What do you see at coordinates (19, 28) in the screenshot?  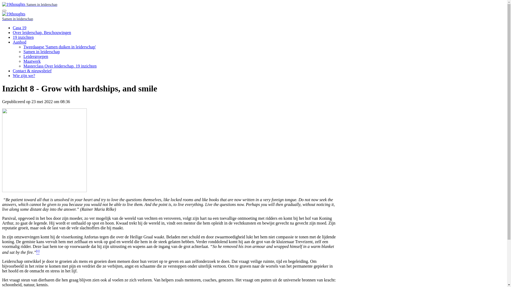 I see `'Casa 19'` at bounding box center [19, 28].